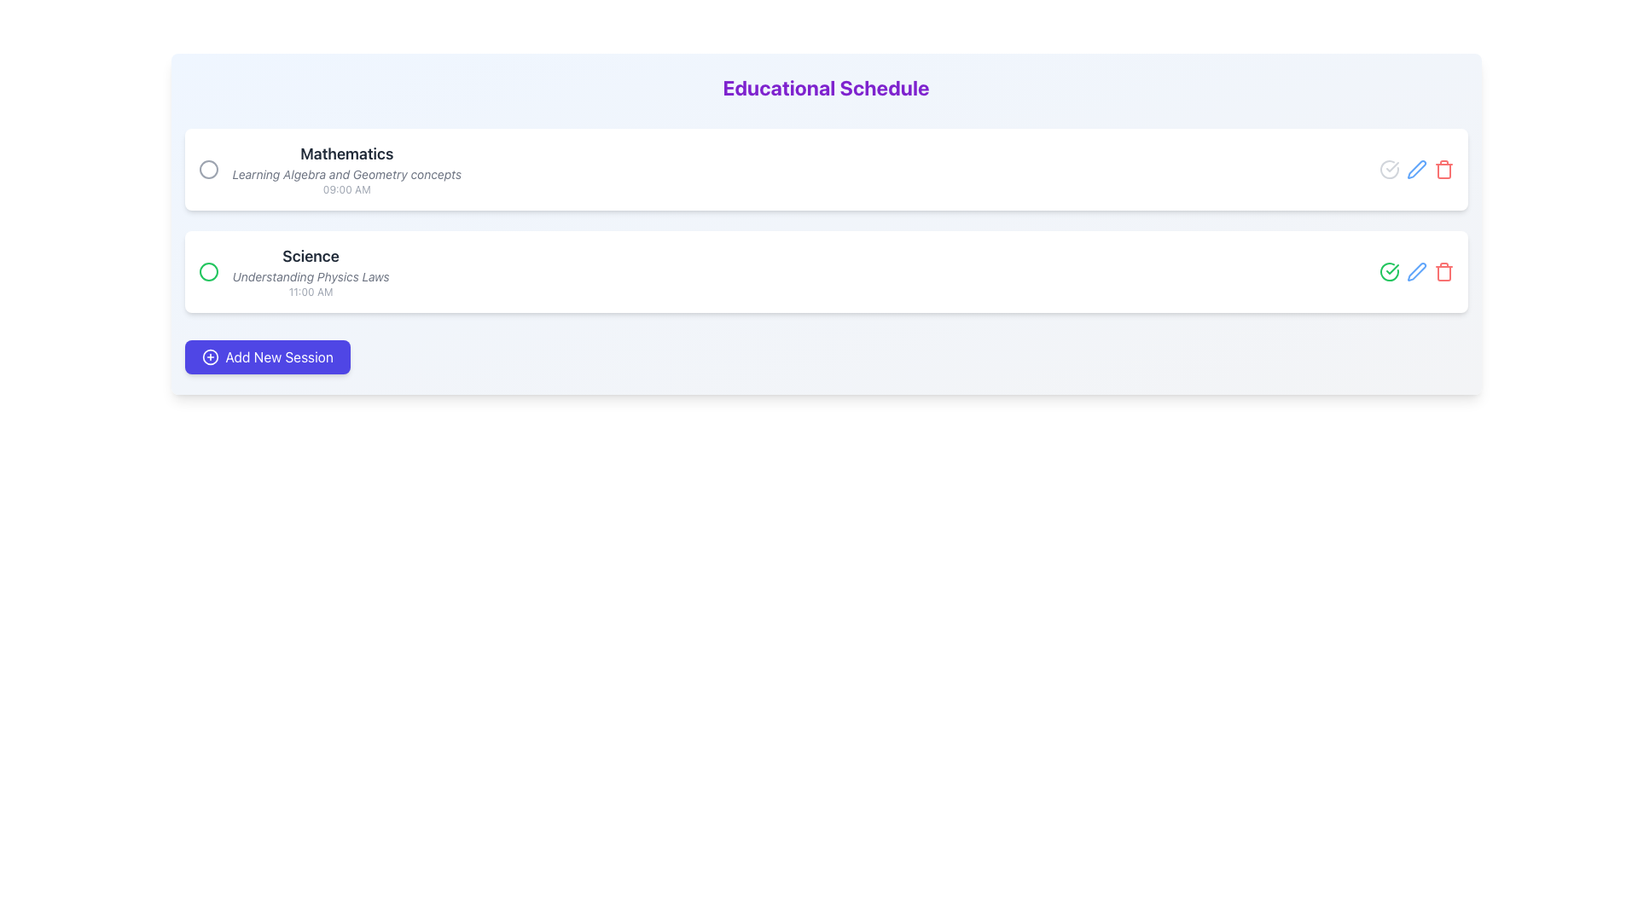 The image size is (1638, 921). I want to click on the edit icon located in the second row of the interactive list of scheduled sessions to initiate editing actions for the corresponding session, so click(1416, 269).